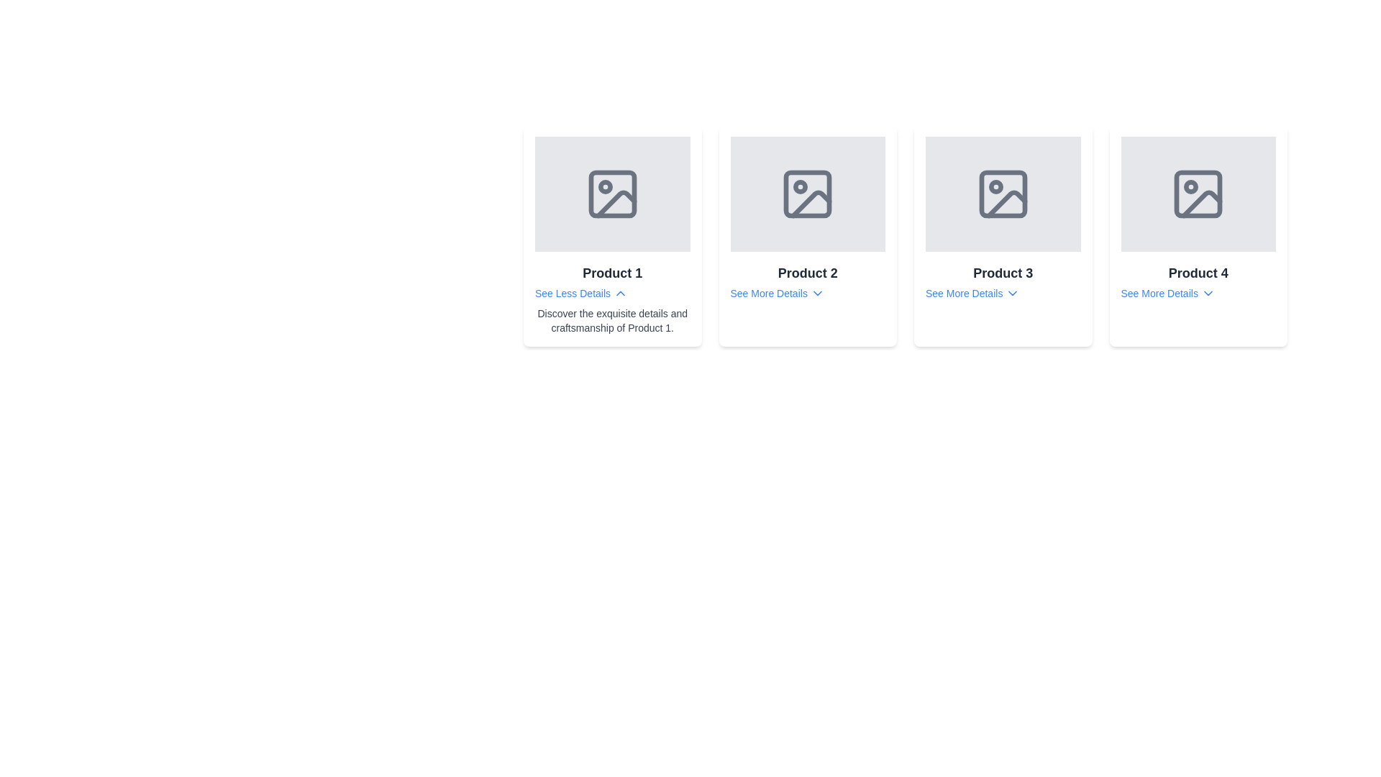 Image resolution: width=1381 pixels, height=777 pixels. I want to click on the bold text label 'Product 1', which is positioned below the placeholder image in the first product card, so click(612, 273).